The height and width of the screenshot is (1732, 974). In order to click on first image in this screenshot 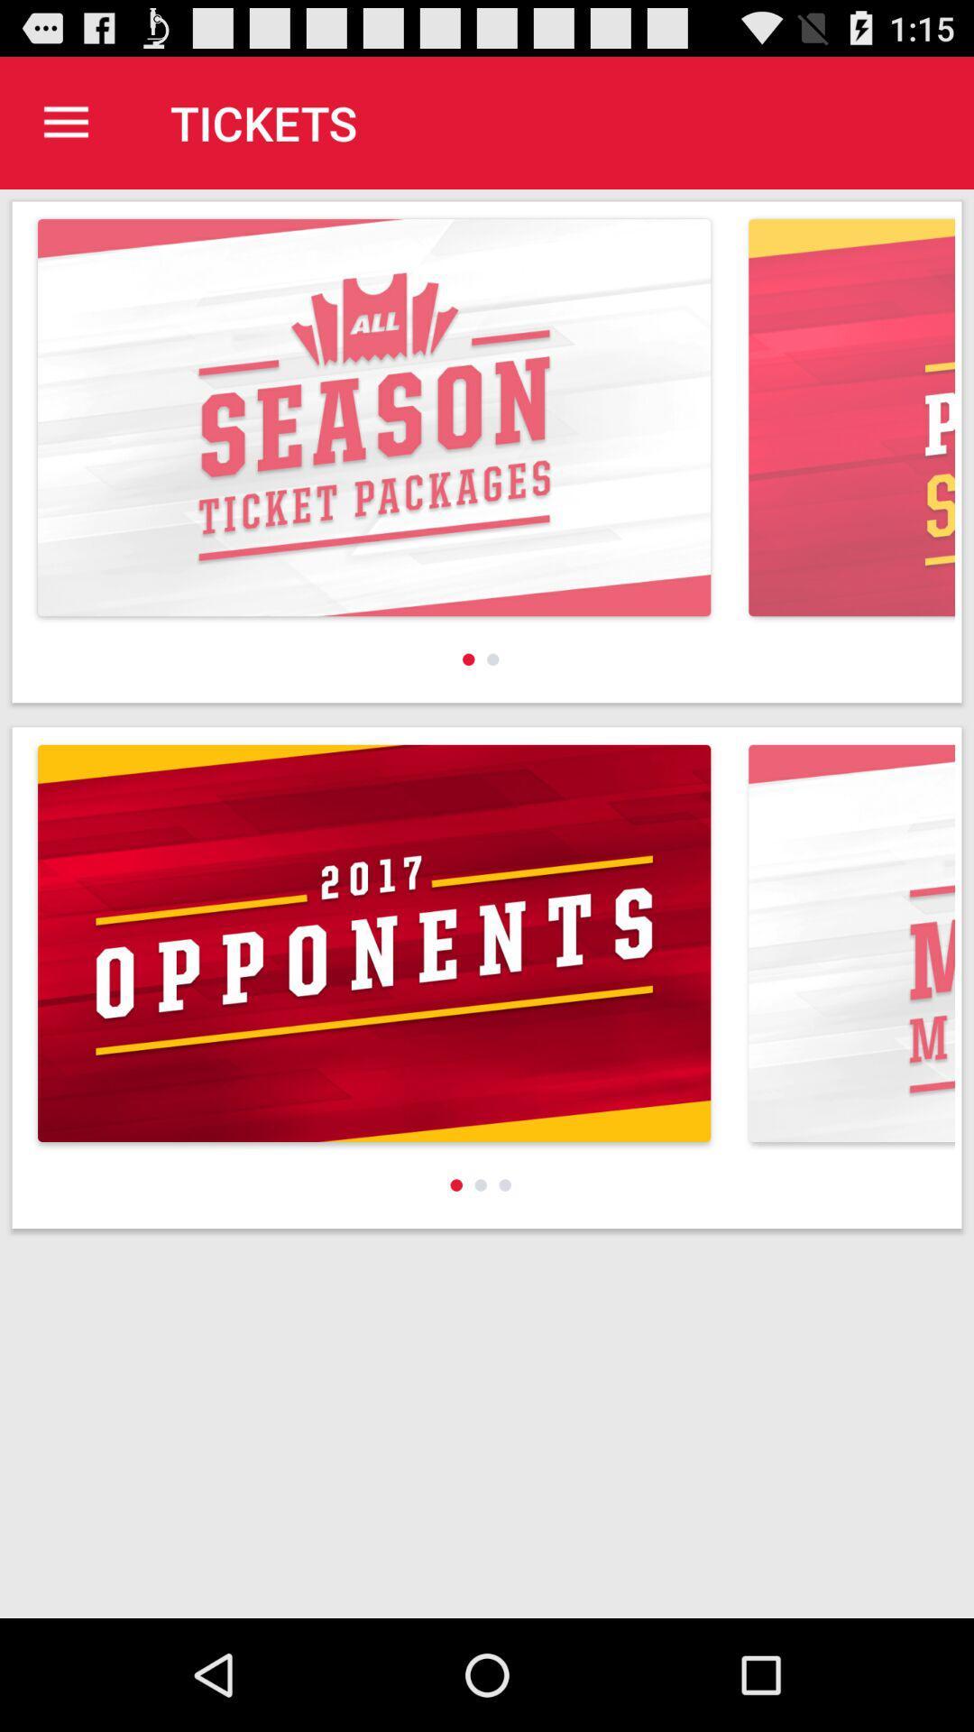, I will do `click(487, 452)`.